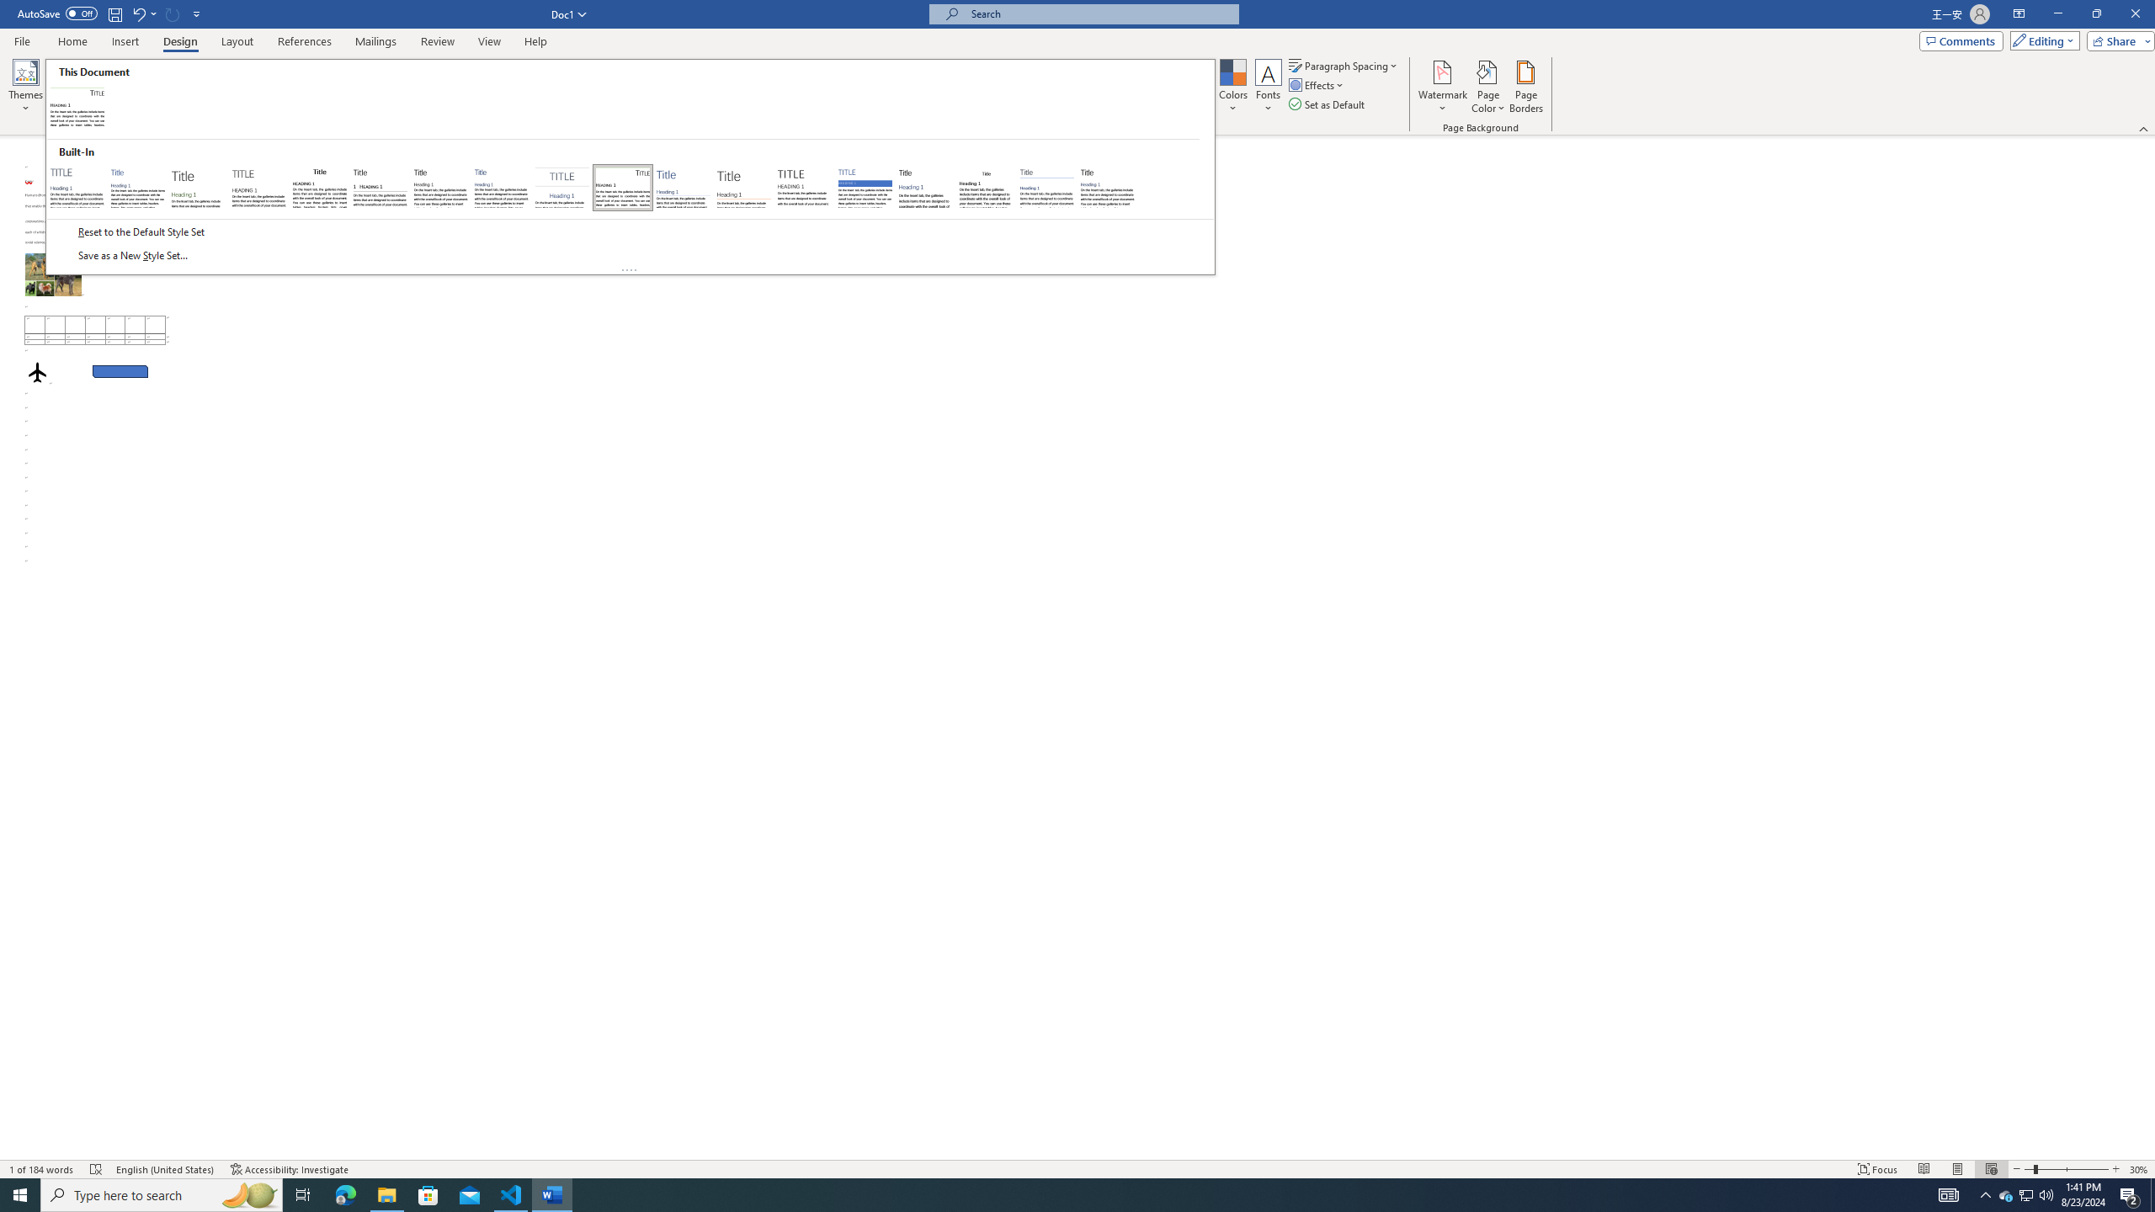  What do you see at coordinates (1526, 87) in the screenshot?
I see `'Page Borders...'` at bounding box center [1526, 87].